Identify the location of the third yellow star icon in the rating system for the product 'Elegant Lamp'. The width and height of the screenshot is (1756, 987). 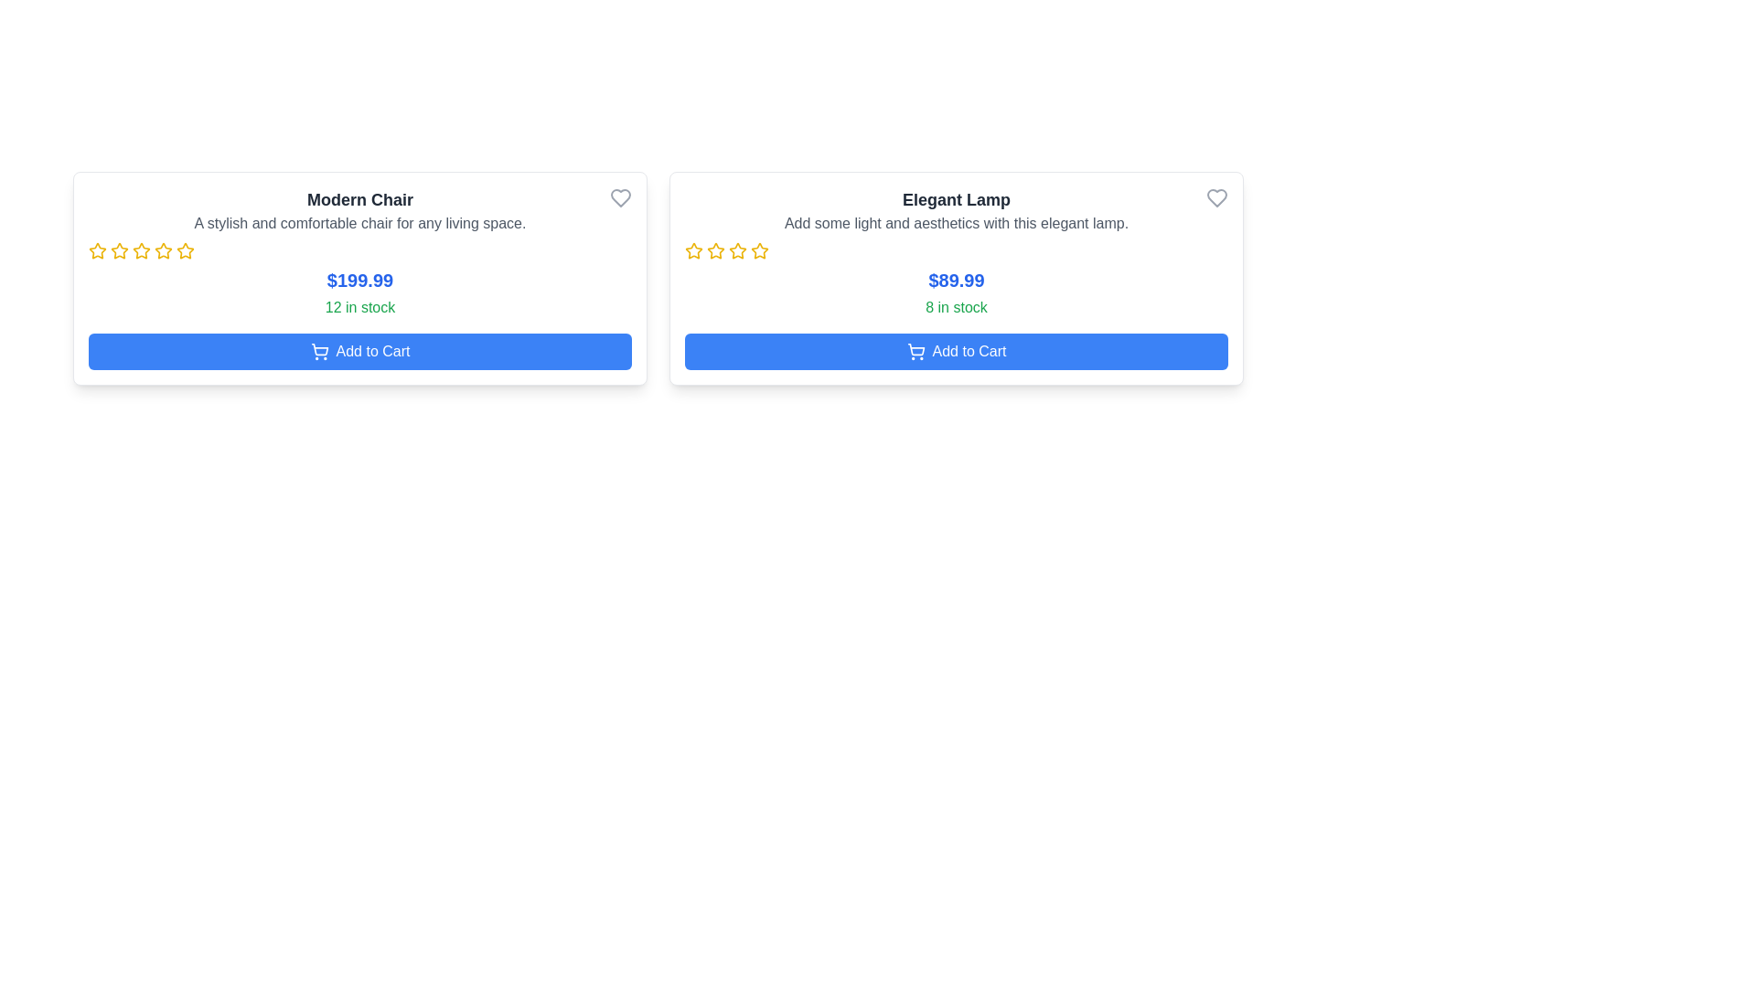
(737, 250).